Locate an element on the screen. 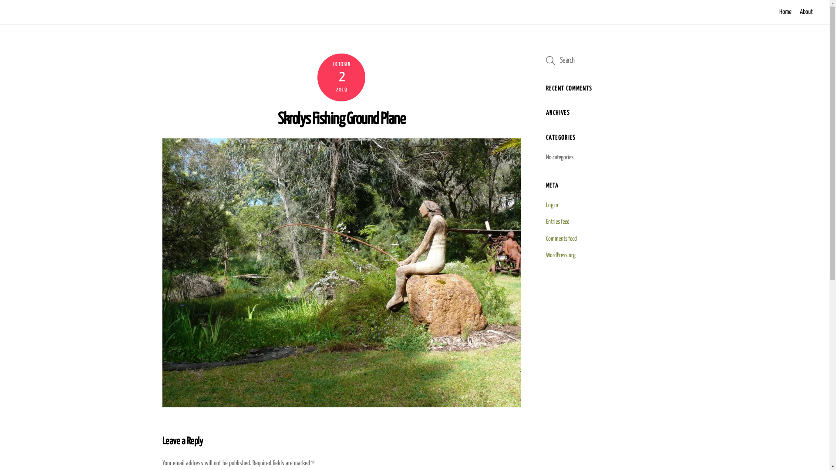 The width and height of the screenshot is (836, 470). 'Home' is located at coordinates (785, 12).